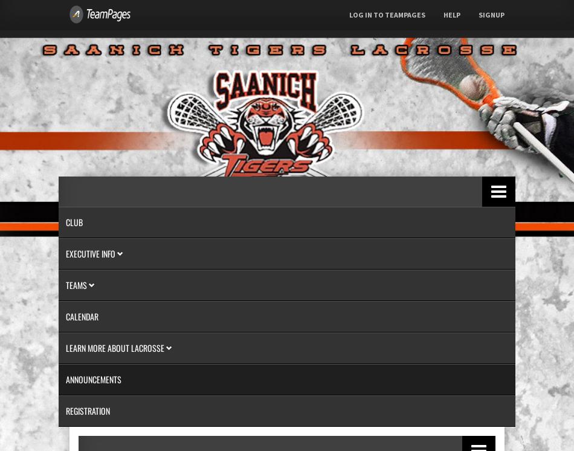 The height and width of the screenshot is (451, 574). What do you see at coordinates (91, 253) in the screenshot?
I see `'Executive Info'` at bounding box center [91, 253].